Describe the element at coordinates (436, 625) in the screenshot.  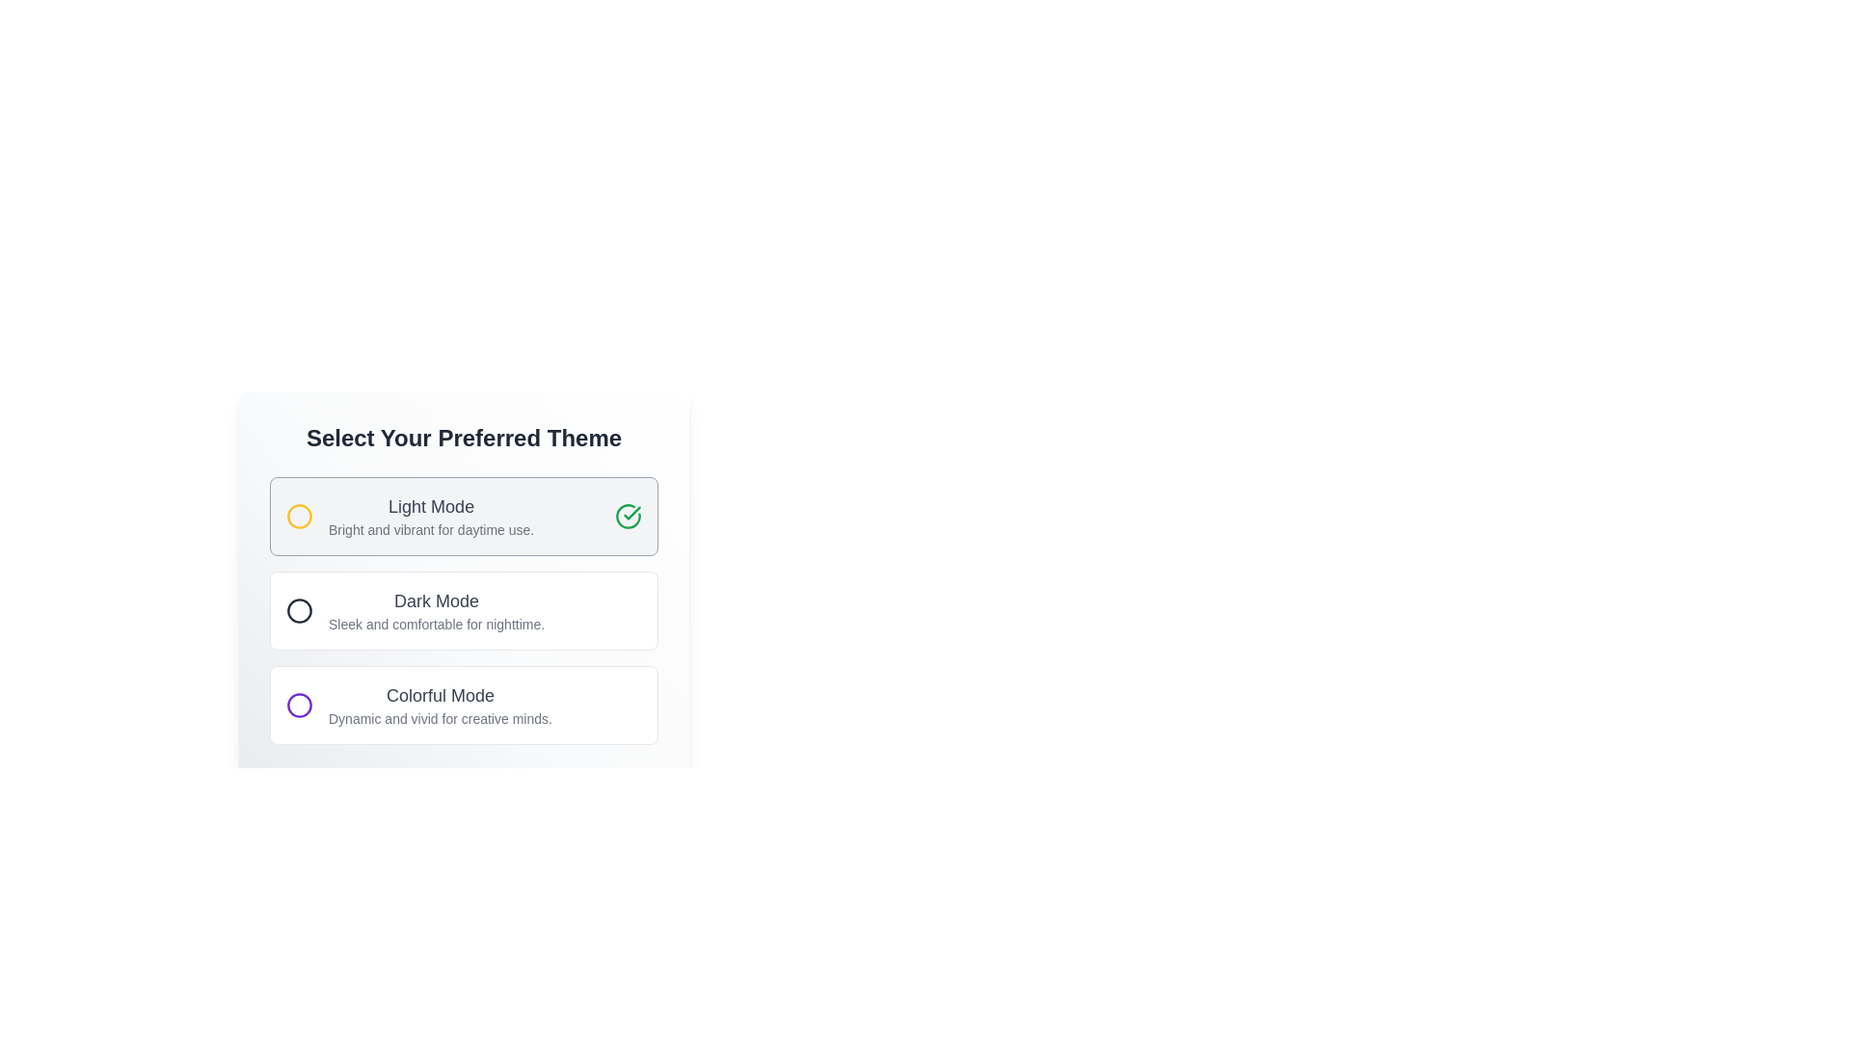
I see `the explanatory text label located directly below the 'Dark Mode' title in the theme selection interface` at that location.